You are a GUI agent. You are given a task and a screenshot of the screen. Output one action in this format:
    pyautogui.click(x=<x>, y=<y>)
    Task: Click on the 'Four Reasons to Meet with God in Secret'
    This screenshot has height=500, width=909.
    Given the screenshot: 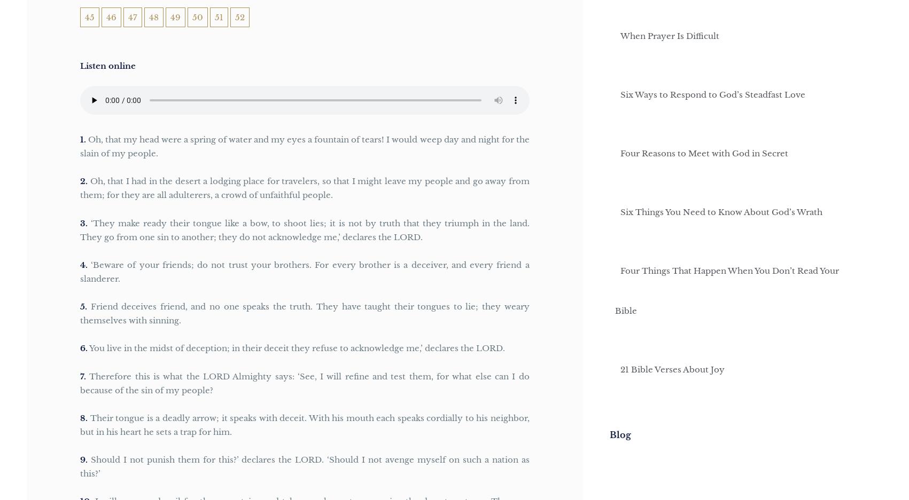 What is the action you would take?
    pyautogui.click(x=704, y=153)
    